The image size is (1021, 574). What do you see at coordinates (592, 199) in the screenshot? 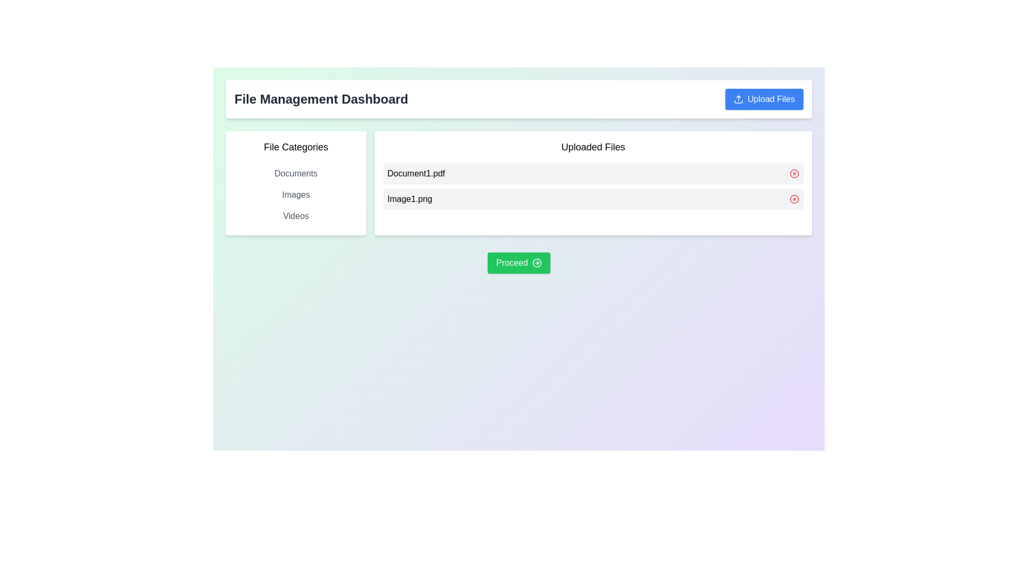
I see `the list item representing the uploaded file 'Image1.png'` at bounding box center [592, 199].